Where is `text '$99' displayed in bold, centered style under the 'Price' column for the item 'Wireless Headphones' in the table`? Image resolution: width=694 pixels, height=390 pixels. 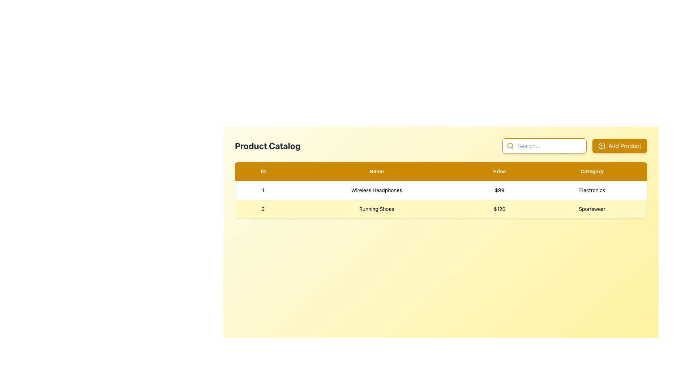 text '$99' displayed in bold, centered style under the 'Price' column for the item 'Wireless Headphones' in the table is located at coordinates (499, 190).